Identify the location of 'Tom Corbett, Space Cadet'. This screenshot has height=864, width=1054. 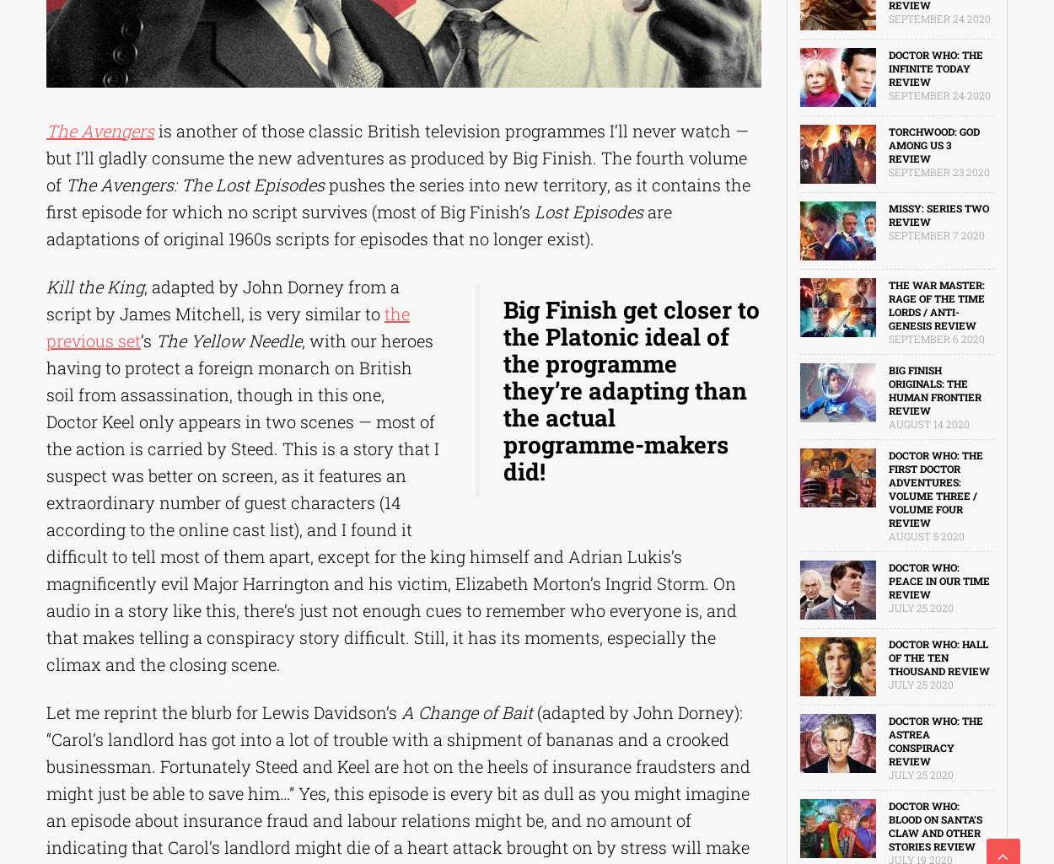
(103, 342).